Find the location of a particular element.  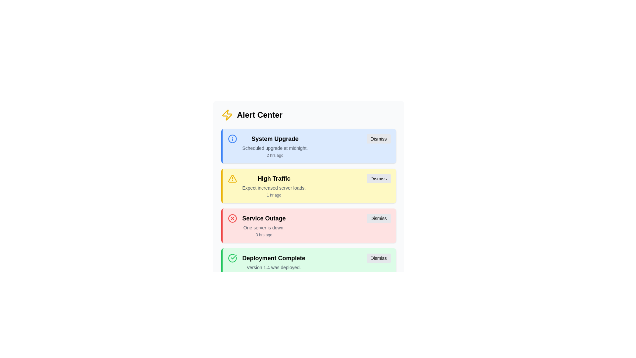

the details associated with the warning icon for the 'High Traffic' alert notification, which is part of the yellow alert card in the 'Alert Center' is located at coordinates (232, 178).